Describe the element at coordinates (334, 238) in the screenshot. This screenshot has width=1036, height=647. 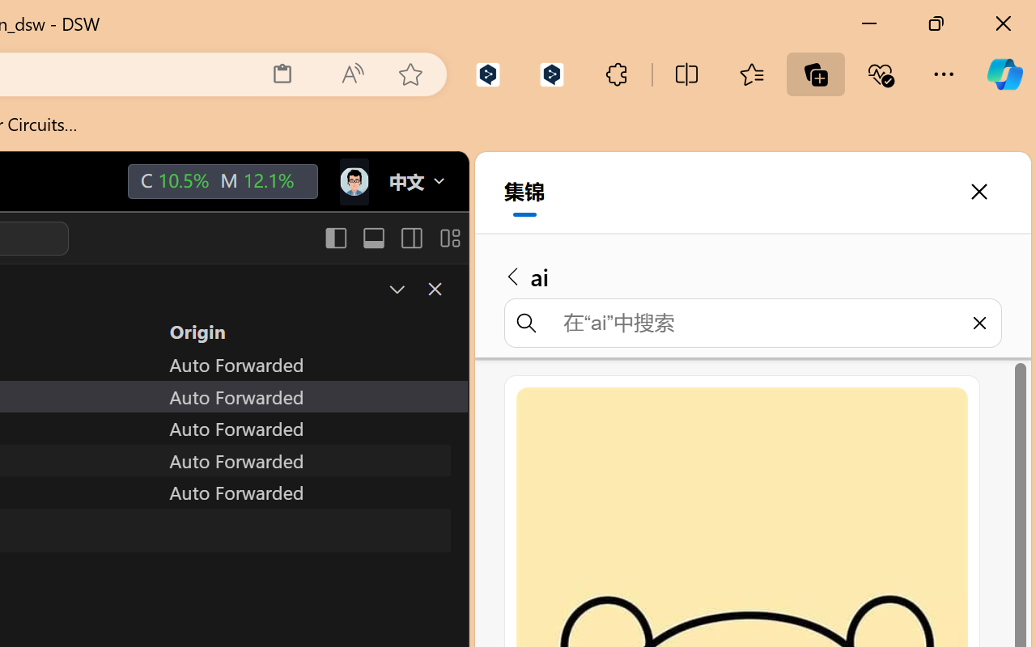
I see `'Toggle Primary Side Bar (Ctrl+B)'` at that location.